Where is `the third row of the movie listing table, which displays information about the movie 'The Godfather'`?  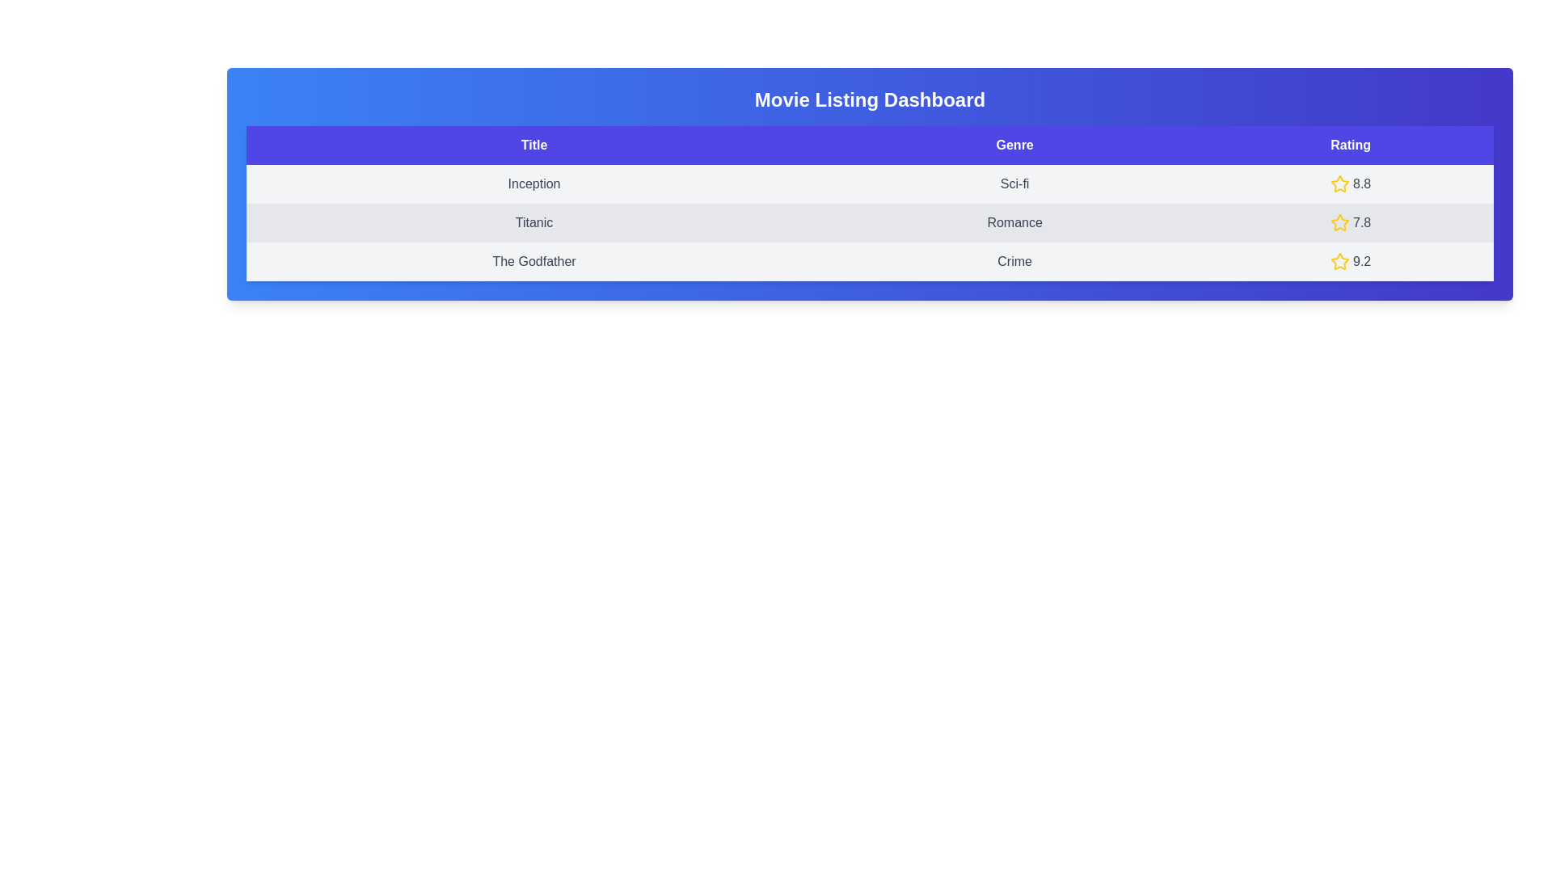 the third row of the movie listing table, which displays information about the movie 'The Godfather' is located at coordinates (869, 261).